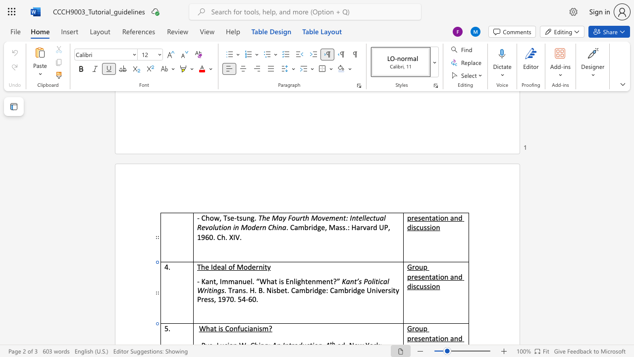 The image size is (634, 357). Describe the element at coordinates (236, 281) in the screenshot. I see `the 2th character "a" in the text` at that location.